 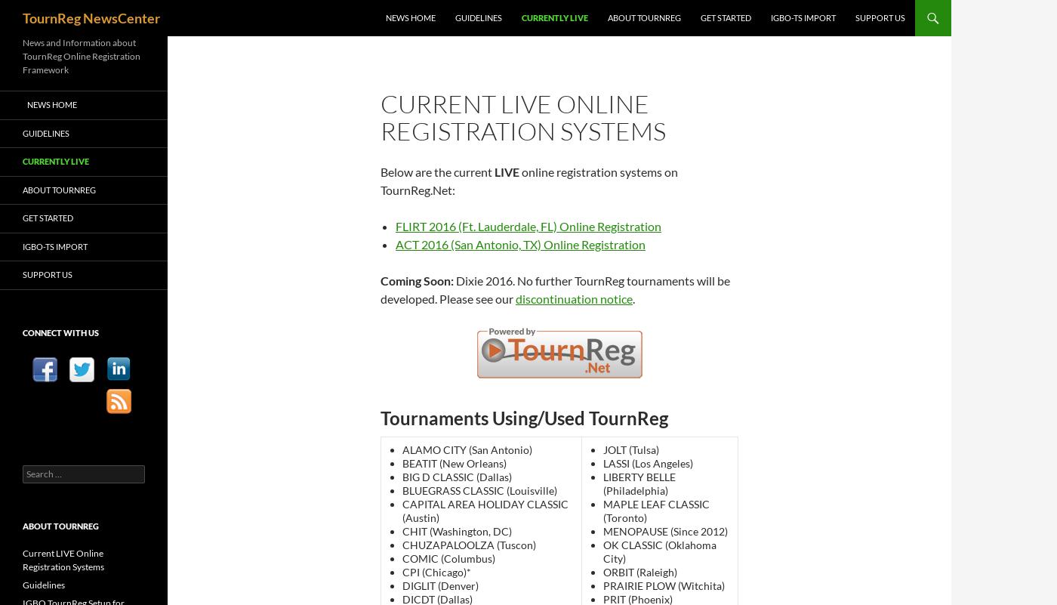 What do you see at coordinates (479, 489) in the screenshot?
I see `'BLUEGRASS CLASSIC (Louisville)'` at bounding box center [479, 489].